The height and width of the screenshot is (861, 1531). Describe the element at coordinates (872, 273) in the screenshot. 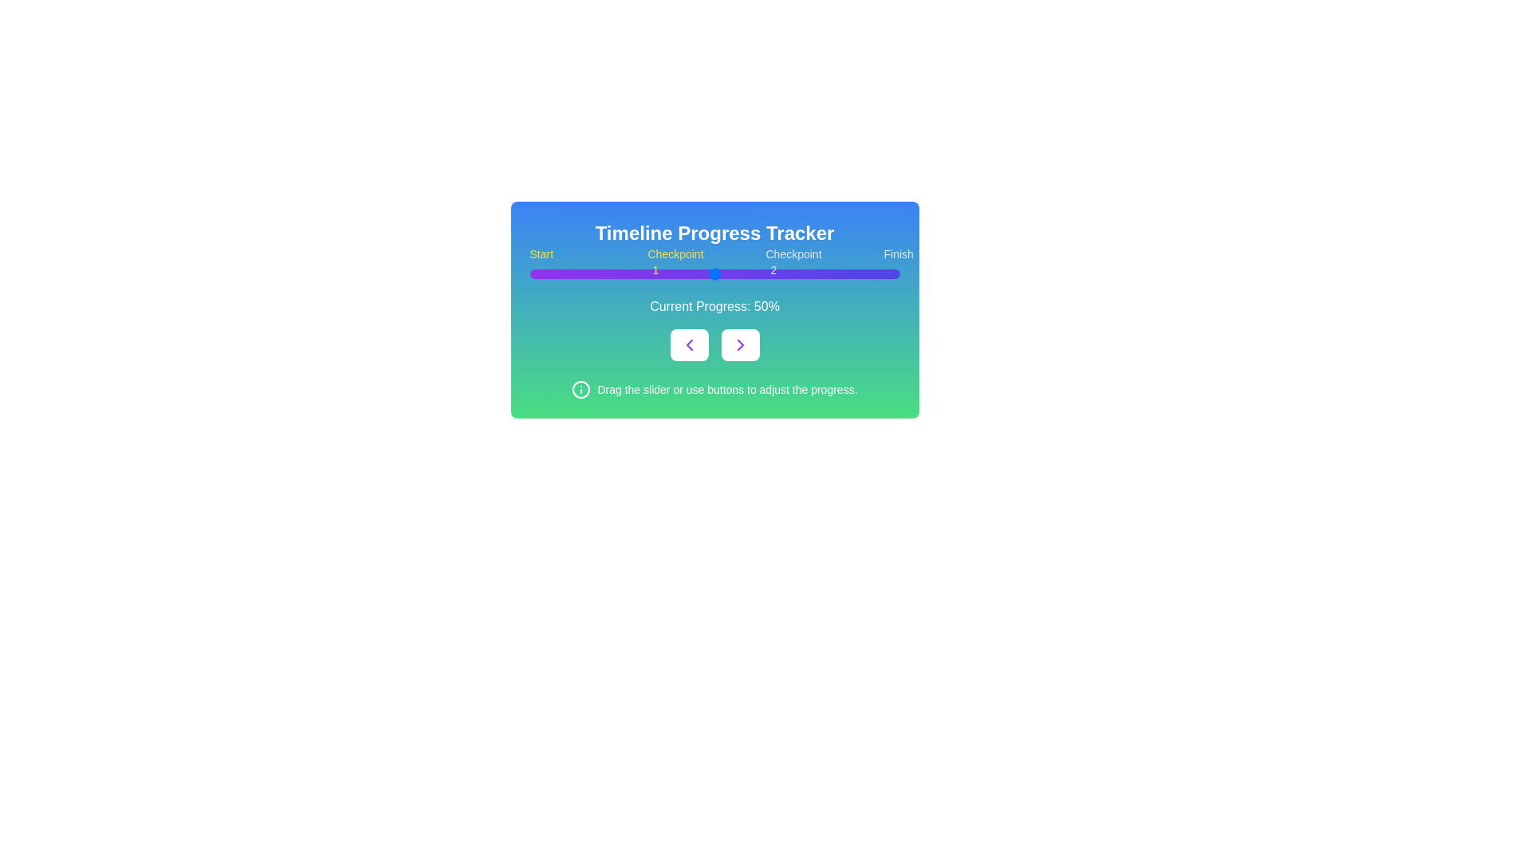

I see `progress on the slider` at that location.